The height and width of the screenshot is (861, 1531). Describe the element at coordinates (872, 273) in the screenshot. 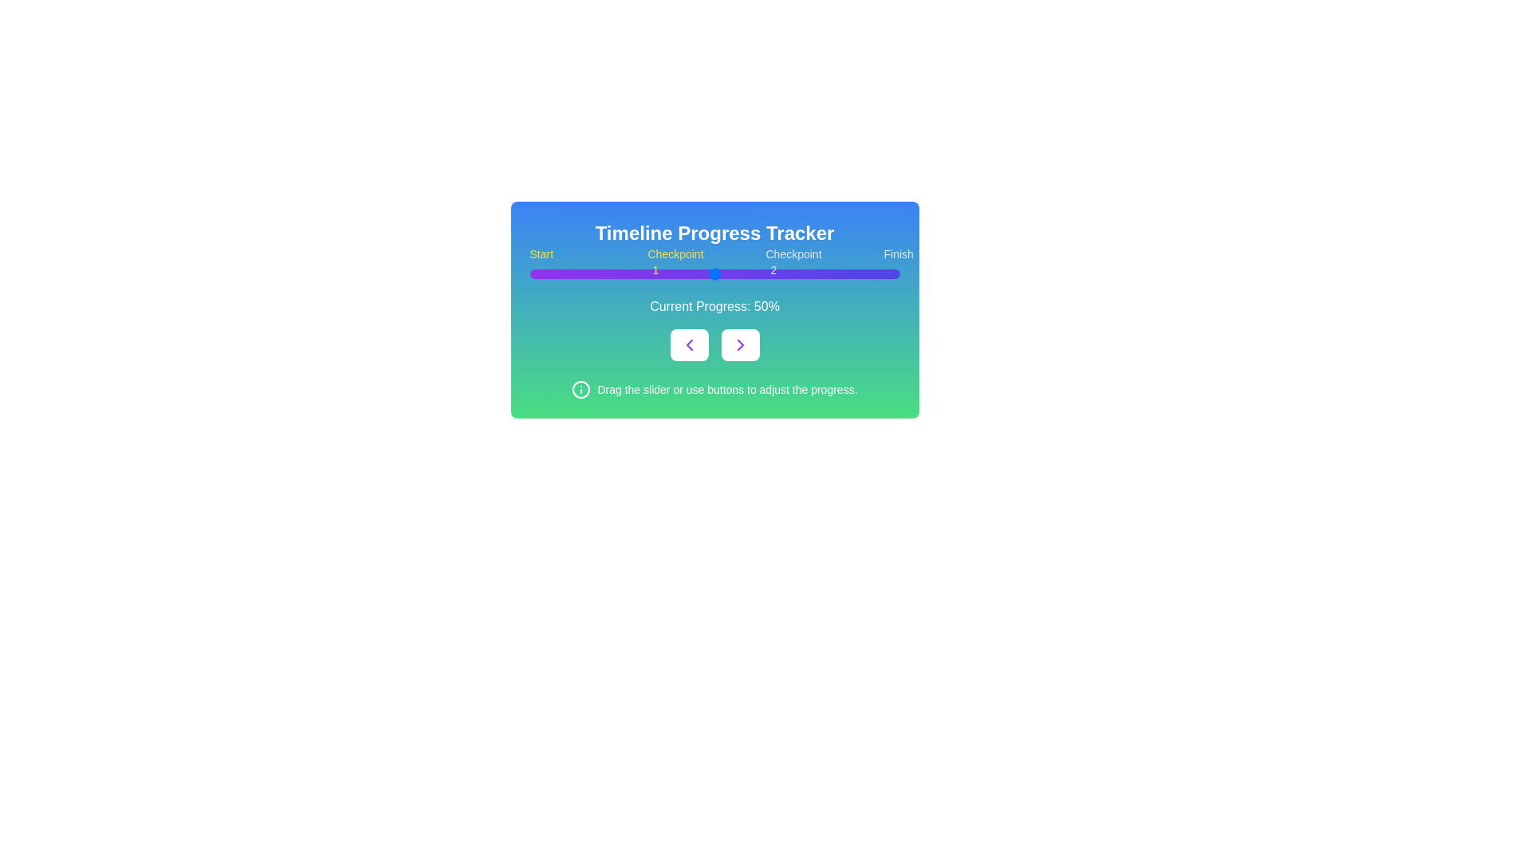

I see `progress on the slider` at that location.